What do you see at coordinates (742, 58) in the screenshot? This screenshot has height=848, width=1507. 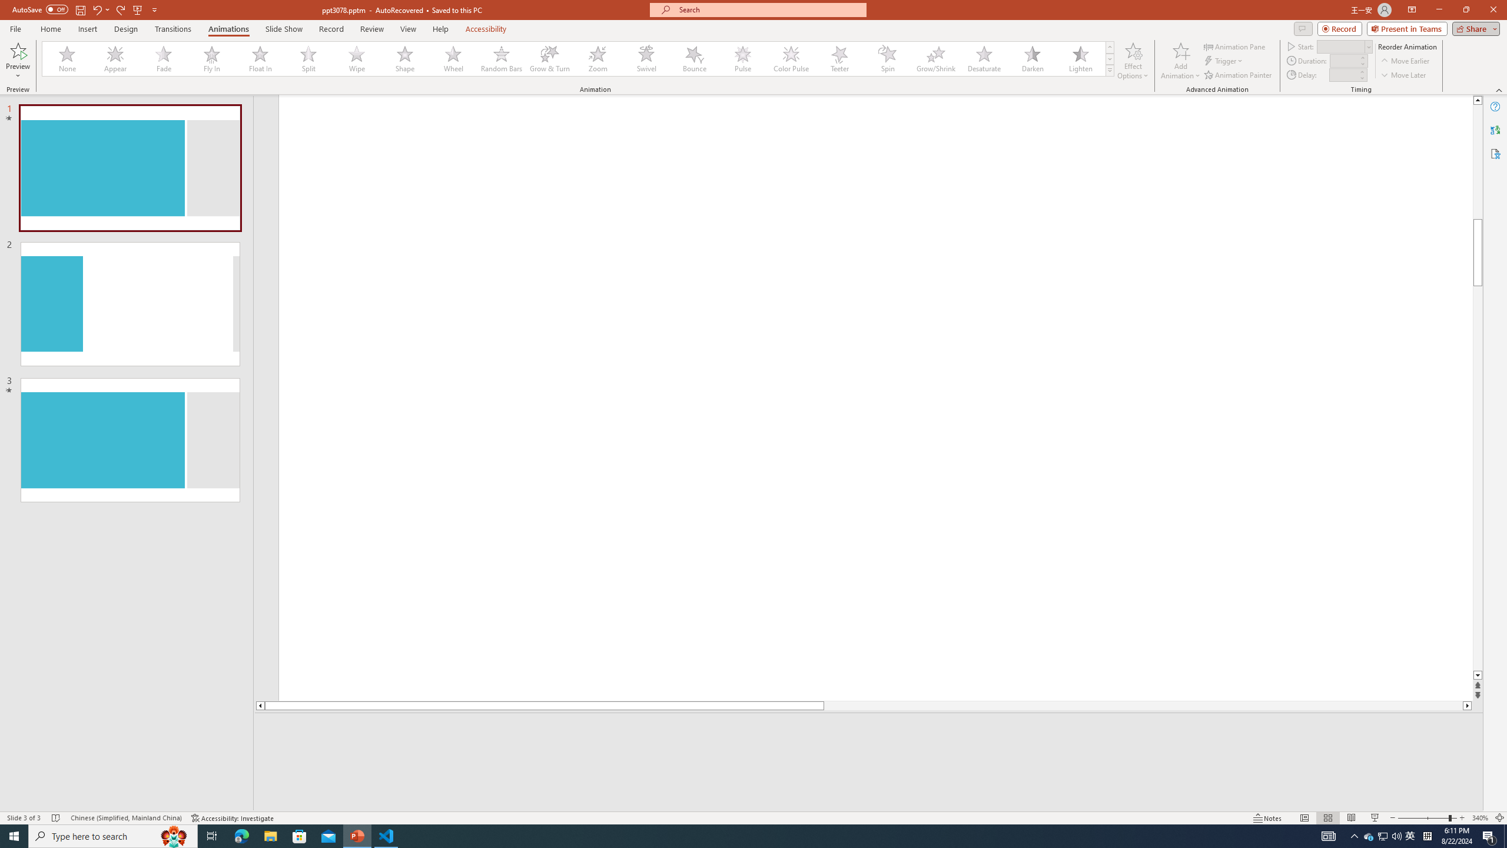 I see `'Pulse'` at bounding box center [742, 58].